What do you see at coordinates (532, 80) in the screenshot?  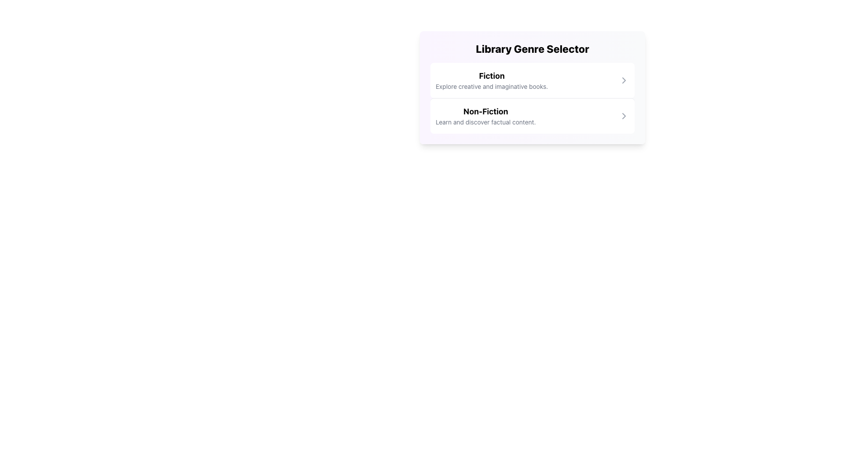 I see `the 'Fiction' List Item Button which is a horizontally aligned bar with a bold title and a chevron icon to the right, located in the upper half of the center pane` at bounding box center [532, 80].